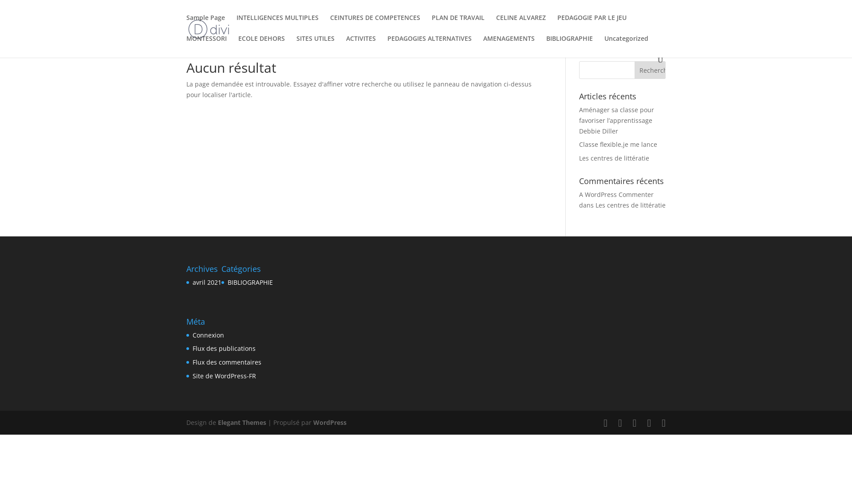 Image resolution: width=852 pixels, height=479 pixels. I want to click on 'ACTIVITES', so click(361, 46).